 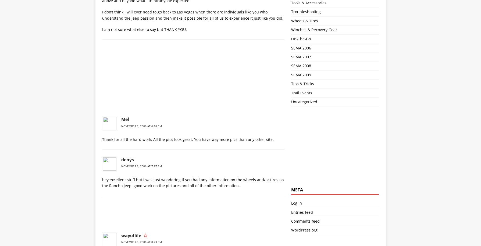 I want to click on 'Troubleshooting', so click(x=305, y=12).